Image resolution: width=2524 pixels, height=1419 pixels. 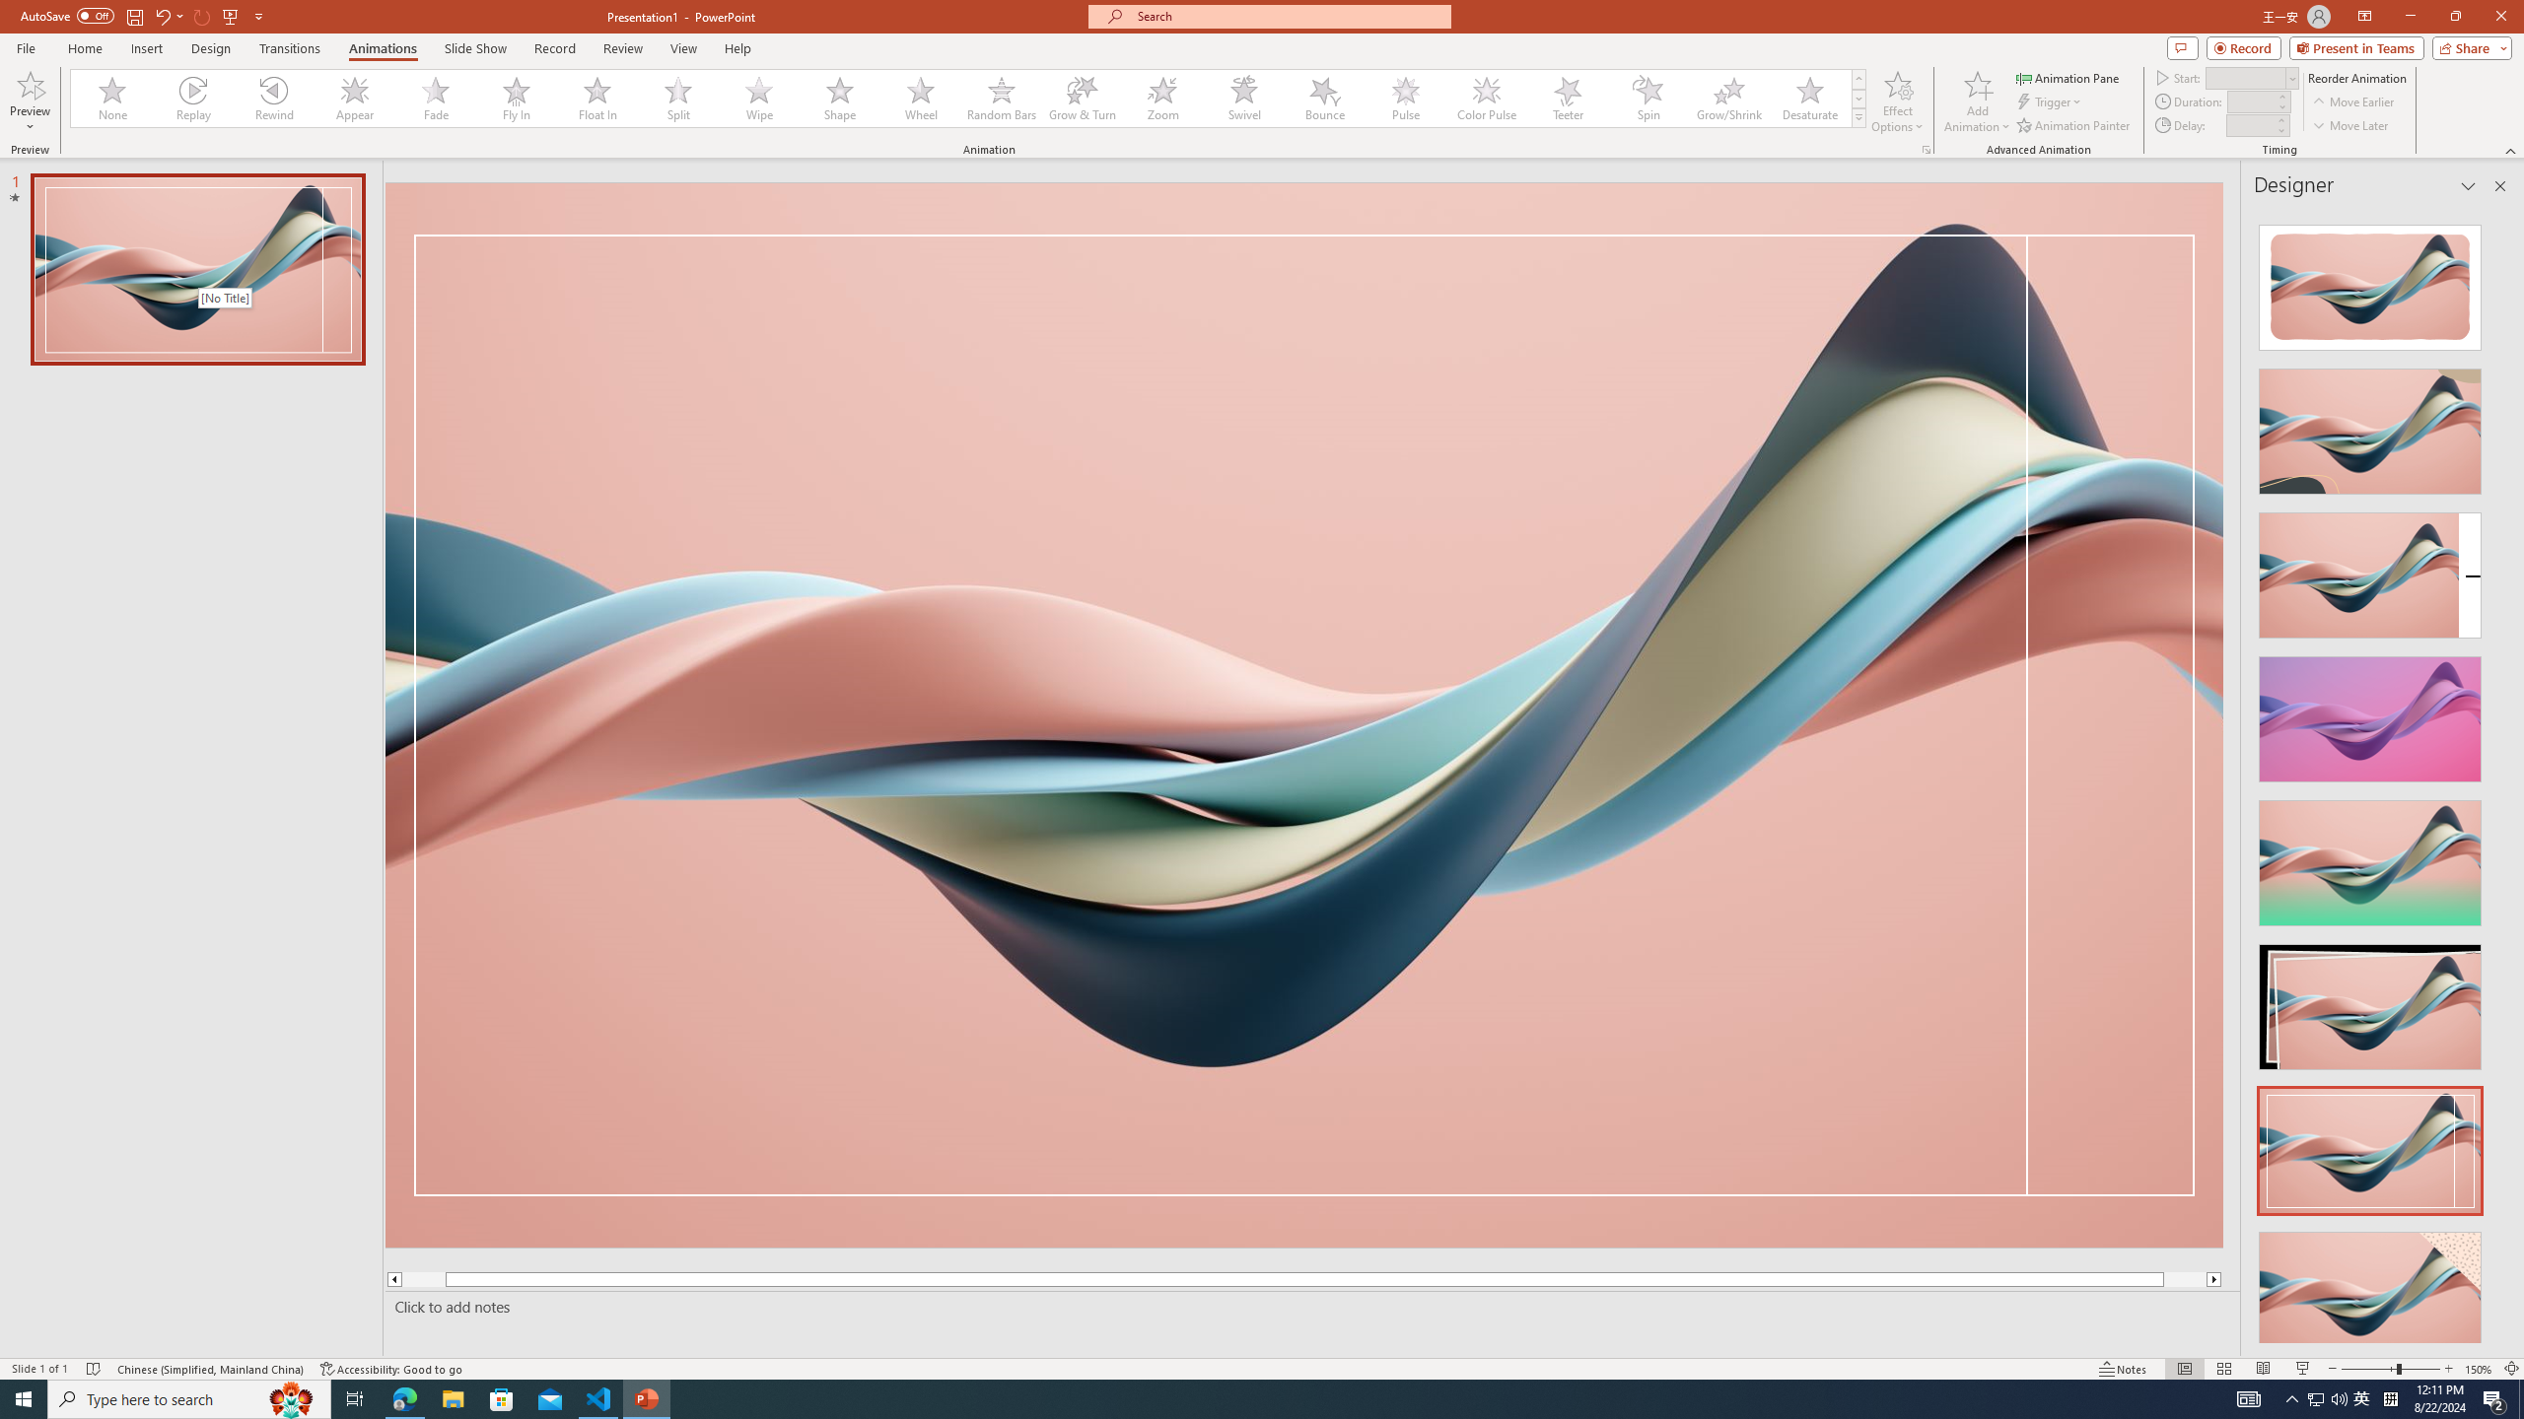 I want to click on 'Replay', so click(x=193, y=98).